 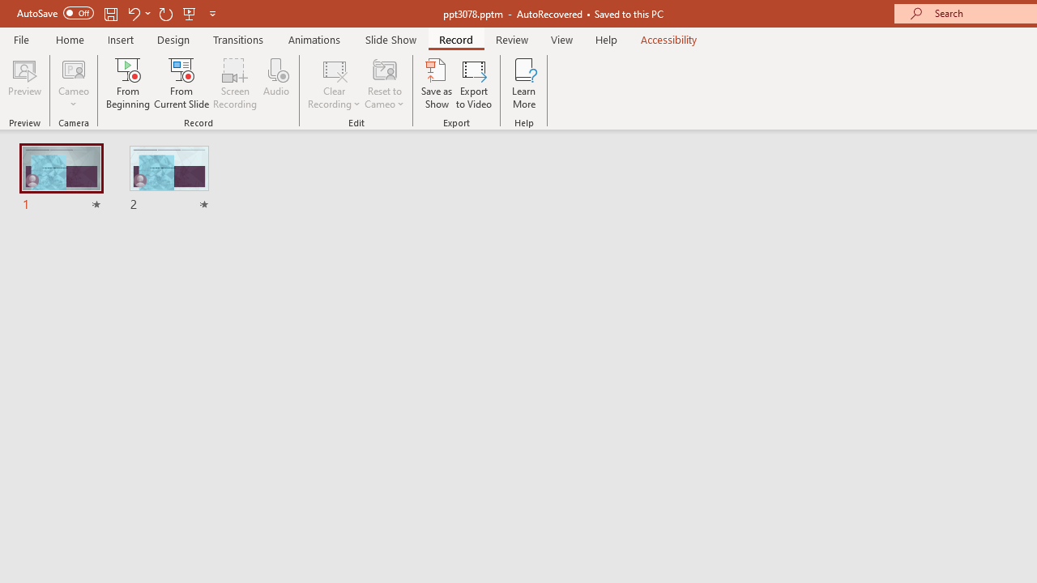 I want to click on 'Save as Show', so click(x=437, y=83).